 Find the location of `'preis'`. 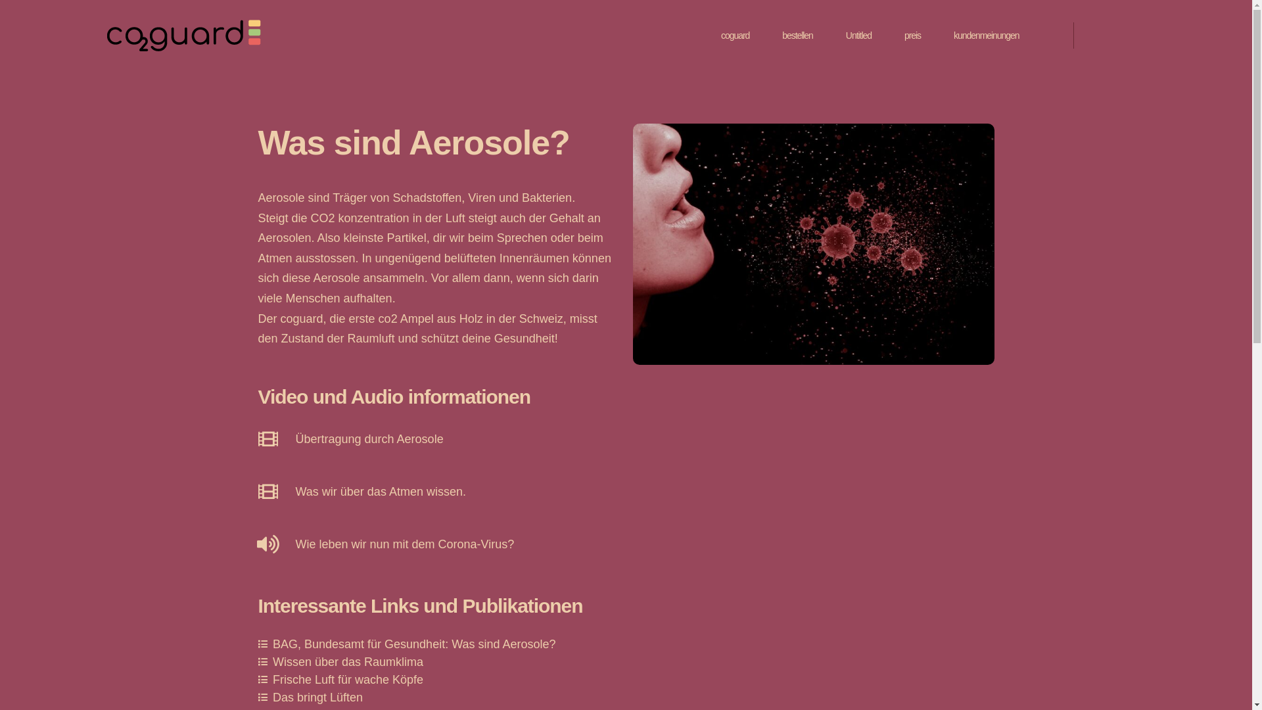

'preis' is located at coordinates (904, 35).